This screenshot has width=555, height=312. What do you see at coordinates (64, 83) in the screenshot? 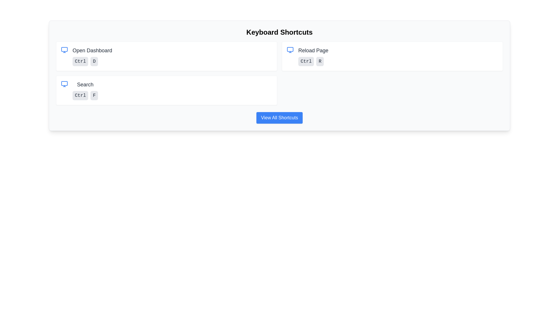
I see `the rectangular icon within the monitor icon located to the left of the 'Search' label` at bounding box center [64, 83].